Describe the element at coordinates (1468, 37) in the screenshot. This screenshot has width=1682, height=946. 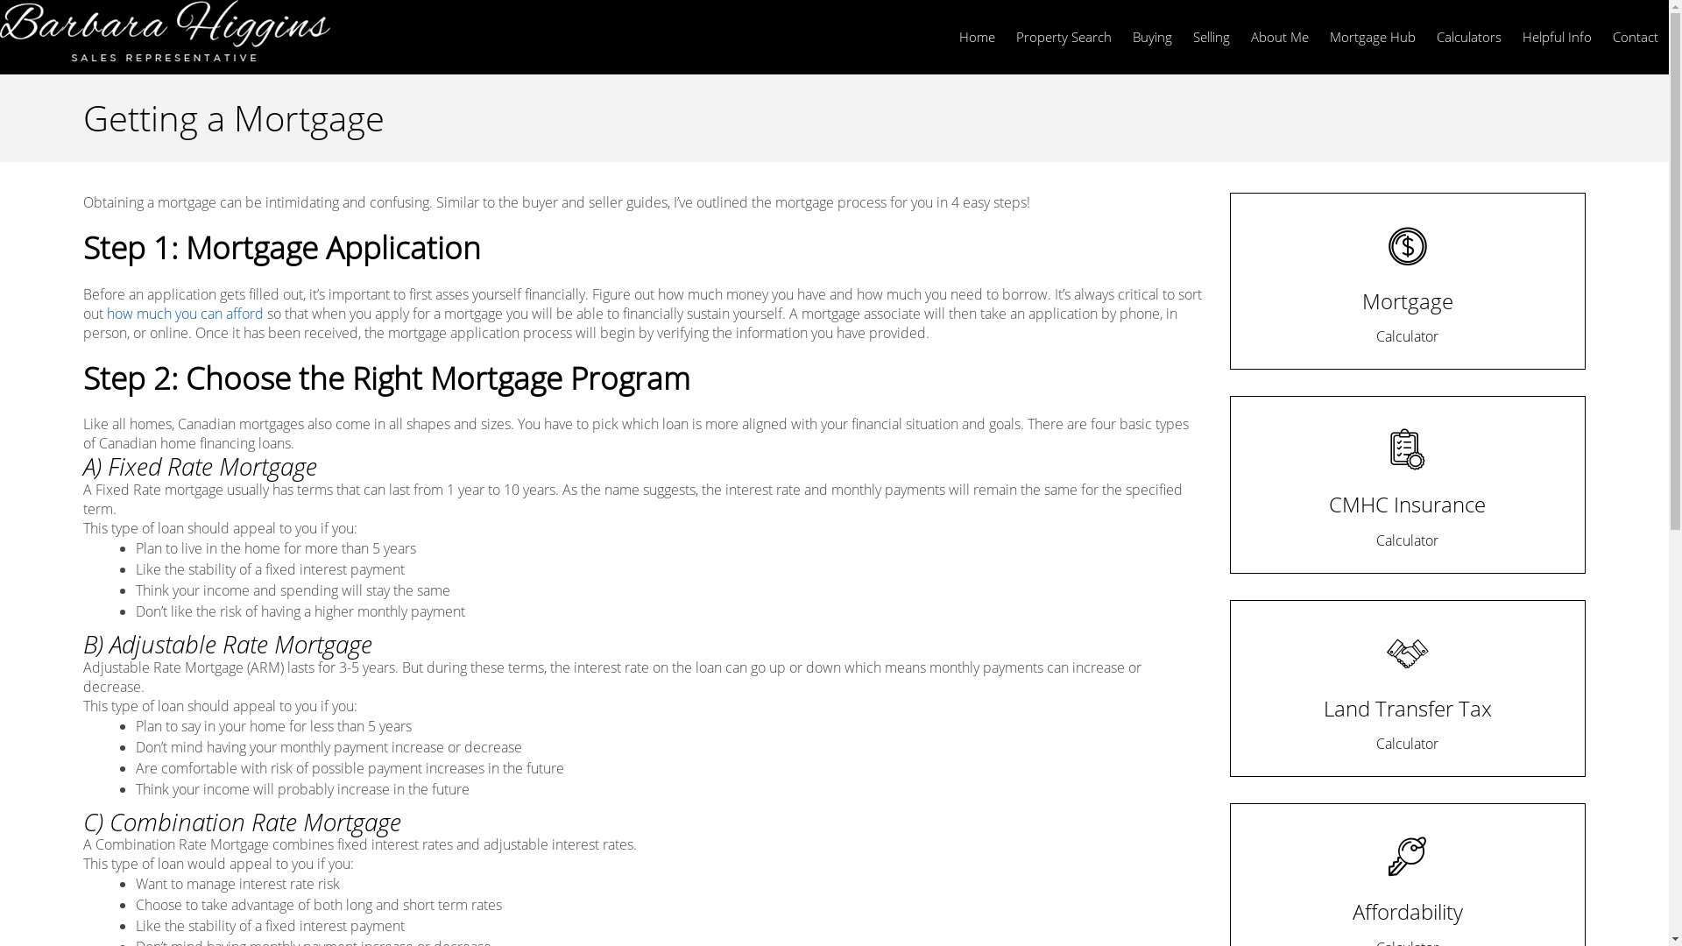
I see `'Calculators'` at that location.